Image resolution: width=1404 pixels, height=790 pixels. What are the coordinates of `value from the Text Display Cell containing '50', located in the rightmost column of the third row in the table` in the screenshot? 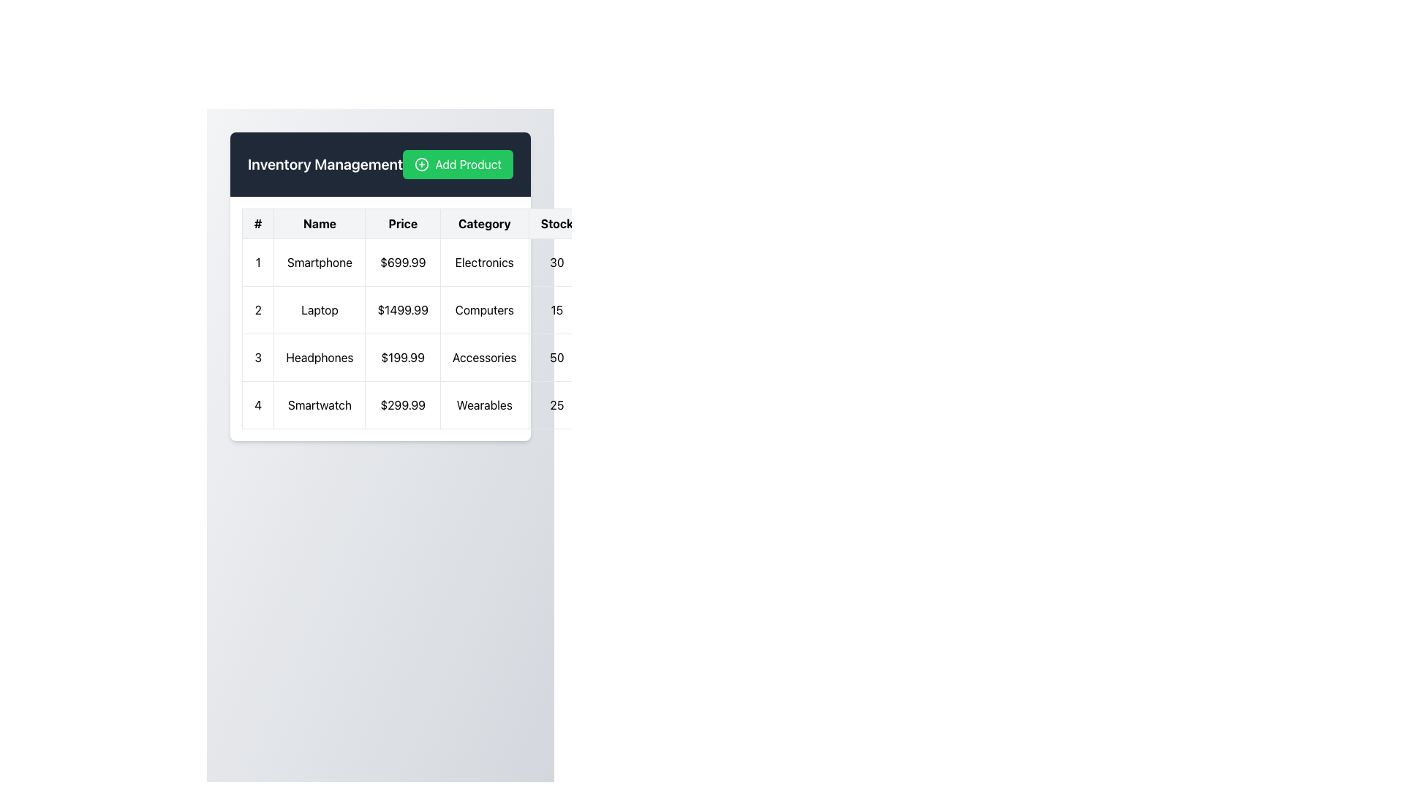 It's located at (556, 358).